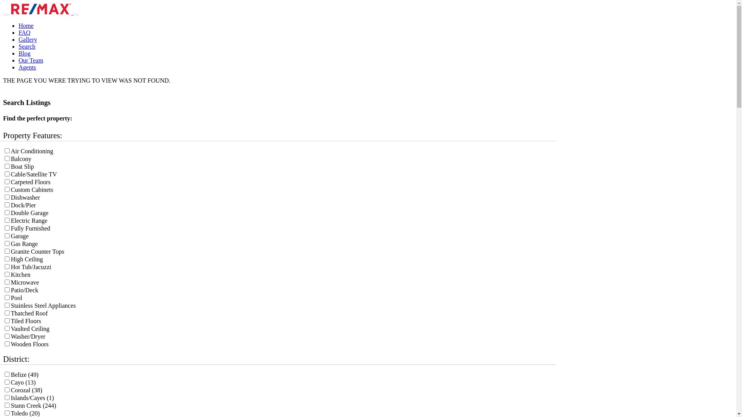  I want to click on 'FAQ', so click(24, 32).